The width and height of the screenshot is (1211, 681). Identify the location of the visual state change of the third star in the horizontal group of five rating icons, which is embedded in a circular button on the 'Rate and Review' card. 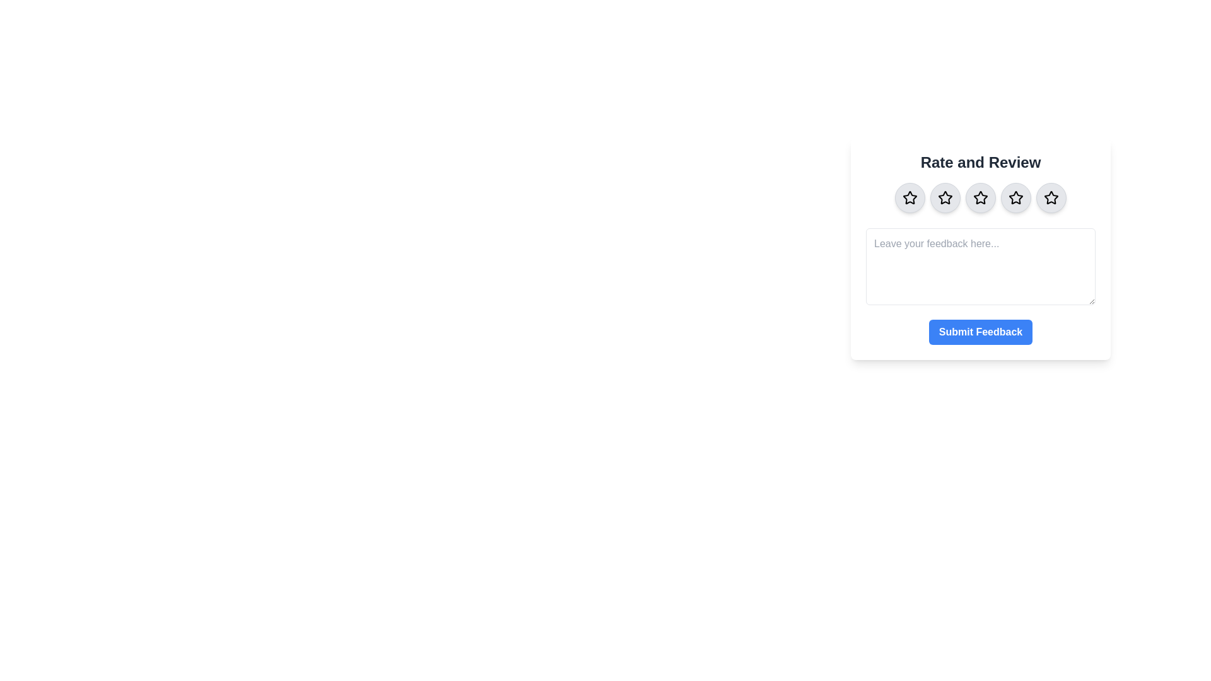
(980, 197).